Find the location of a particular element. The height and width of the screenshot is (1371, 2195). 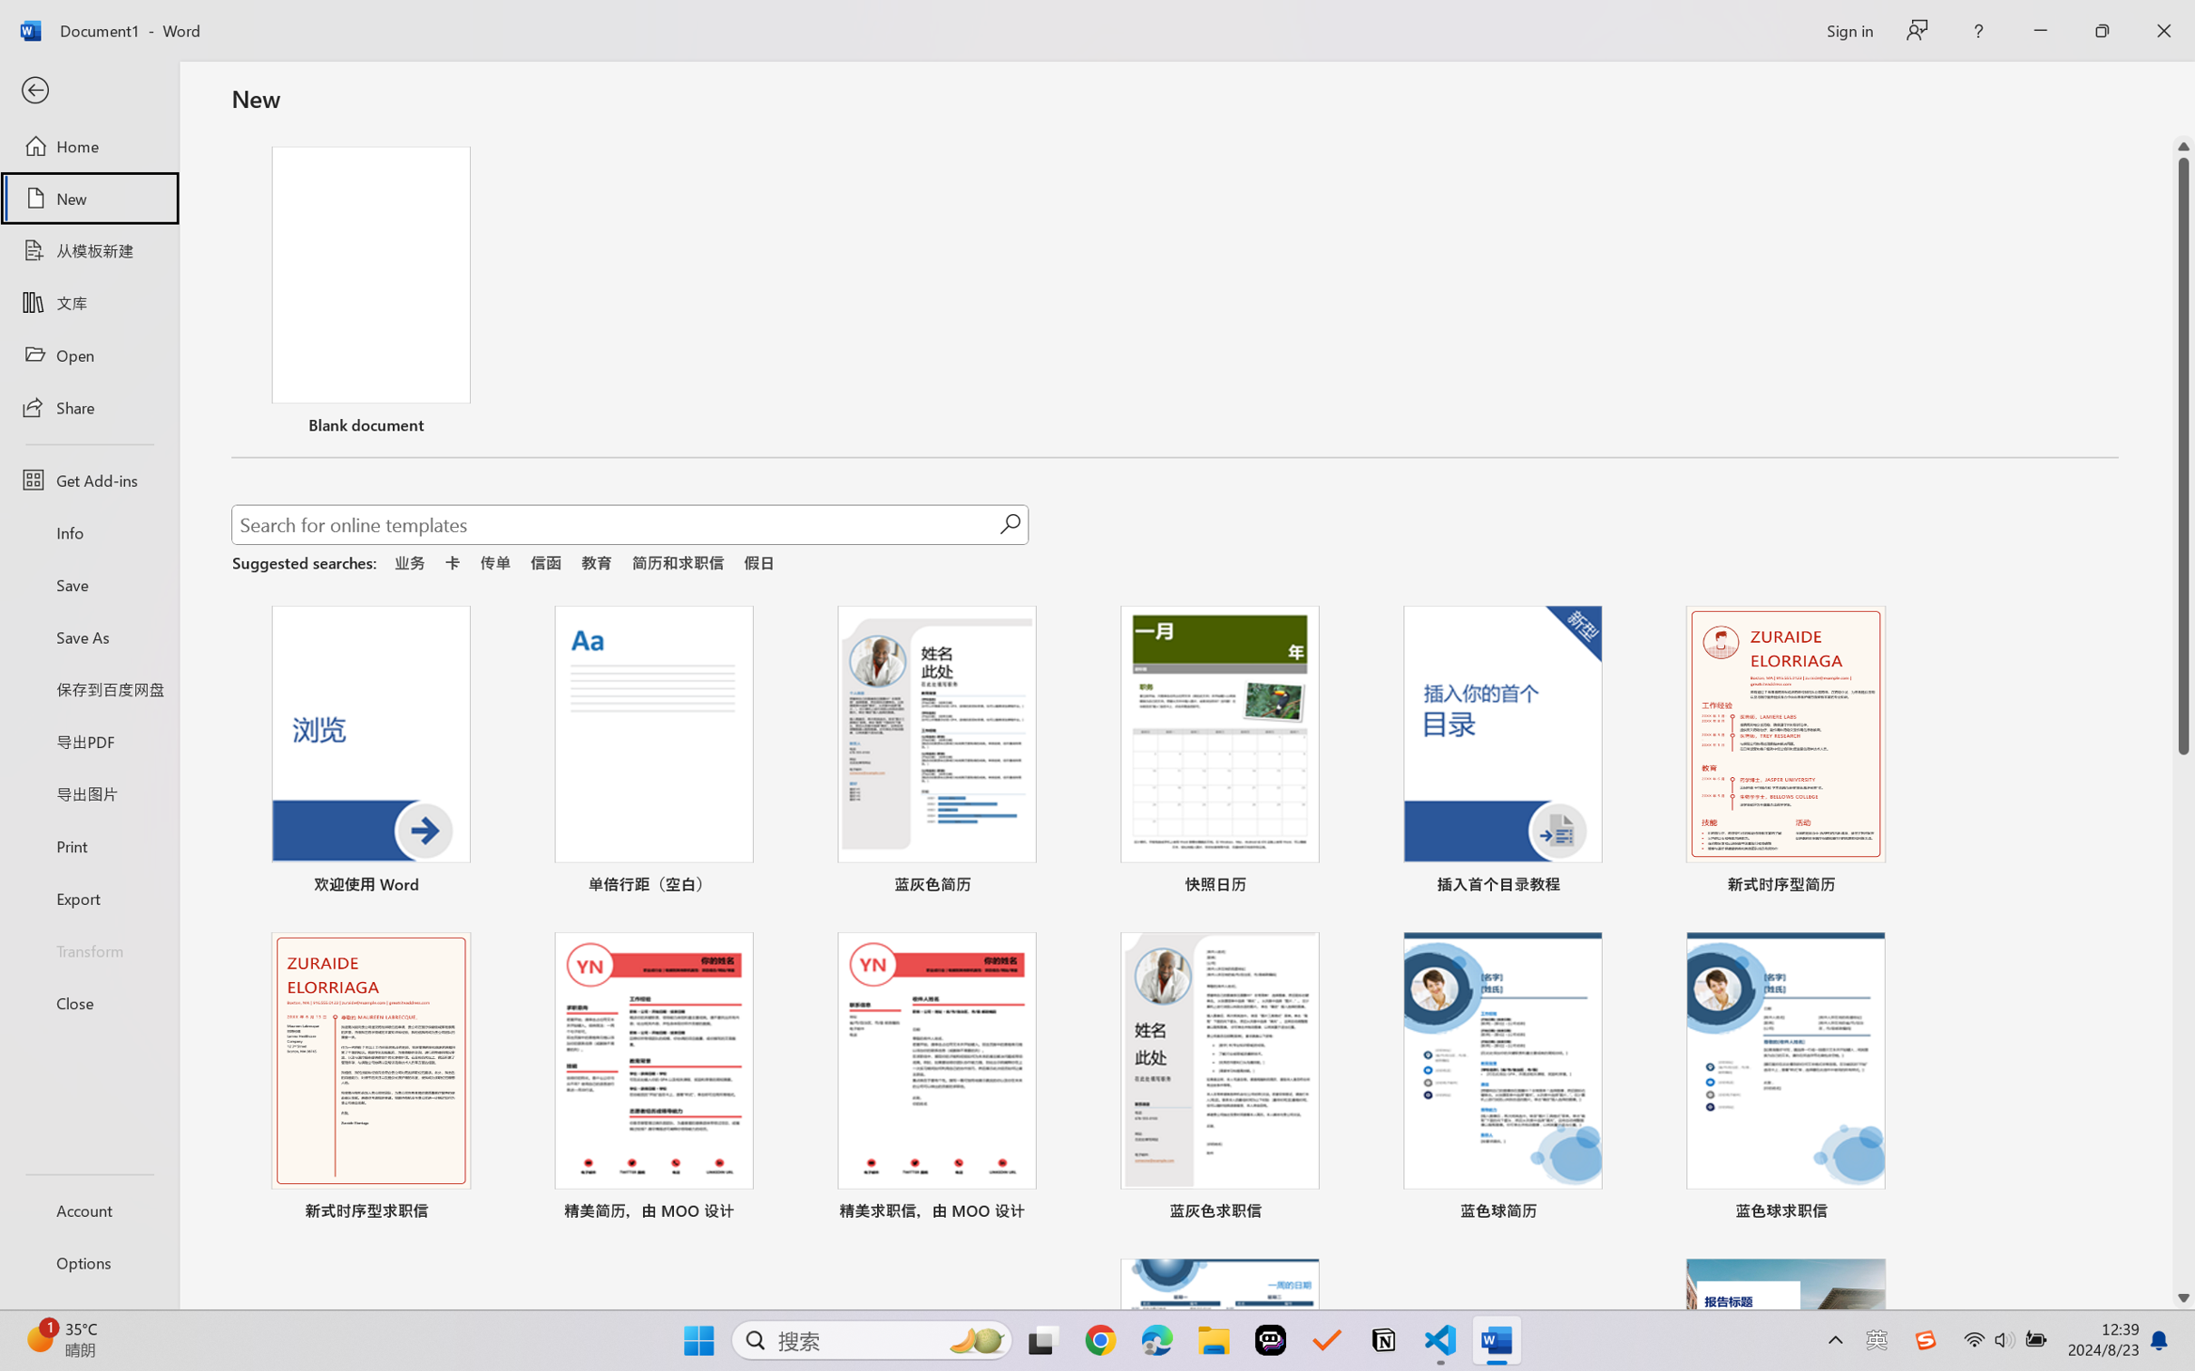

'Get Add-ins' is located at coordinates (88, 479).